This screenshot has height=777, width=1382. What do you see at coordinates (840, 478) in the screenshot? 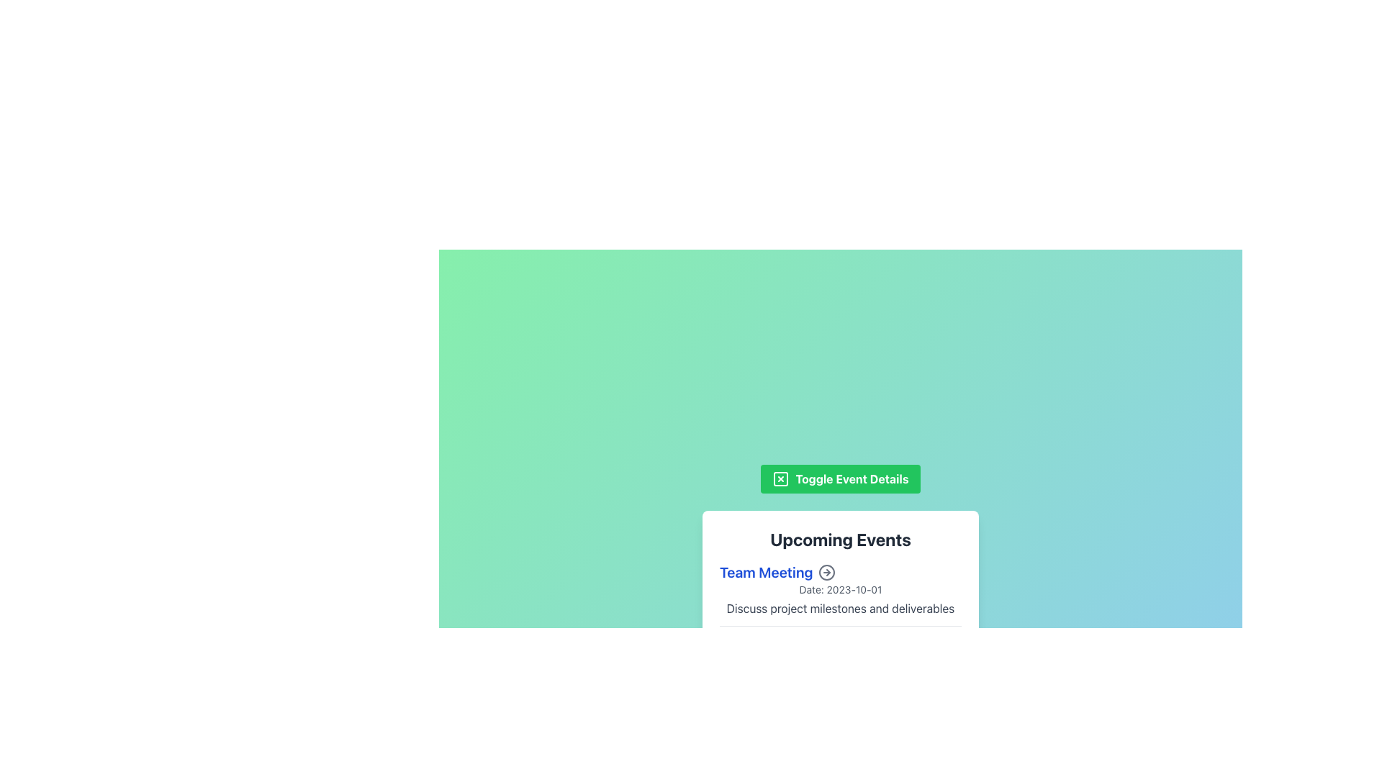
I see `the button located in the upper-central region of the interface` at bounding box center [840, 478].